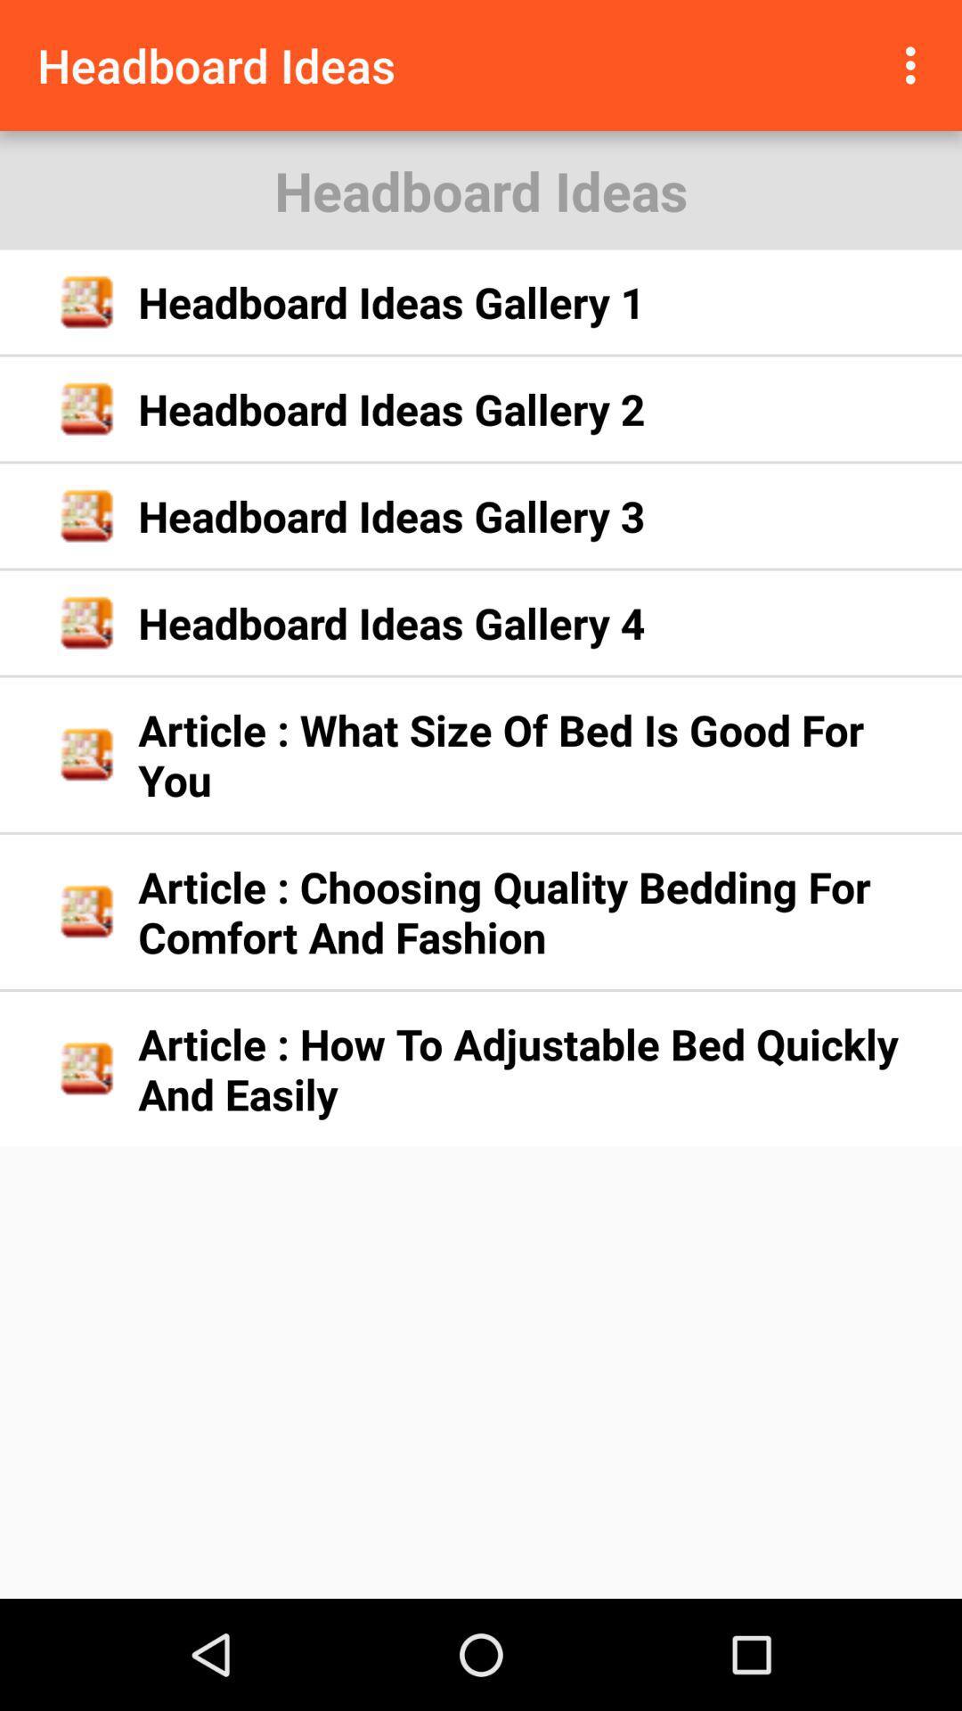 The width and height of the screenshot is (962, 1711). I want to click on icon to the right of headboard ideas icon, so click(915, 65).